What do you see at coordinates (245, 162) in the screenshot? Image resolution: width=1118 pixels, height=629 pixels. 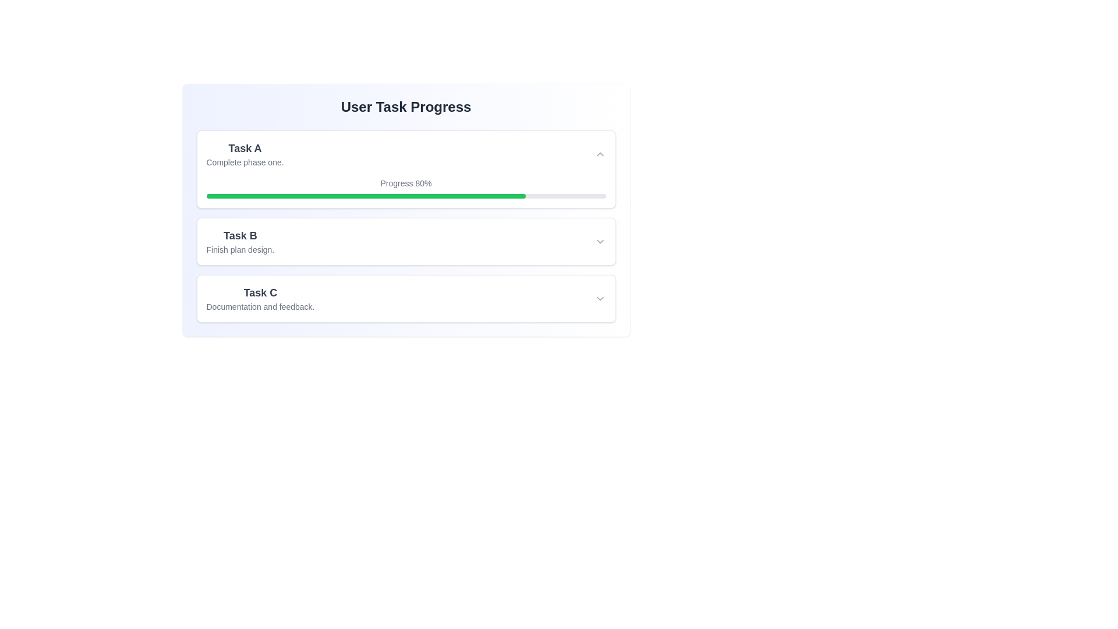 I see `the Text label that provides clarity or further instructions related to 'Task A', located immediately below the title text 'Task A'` at bounding box center [245, 162].